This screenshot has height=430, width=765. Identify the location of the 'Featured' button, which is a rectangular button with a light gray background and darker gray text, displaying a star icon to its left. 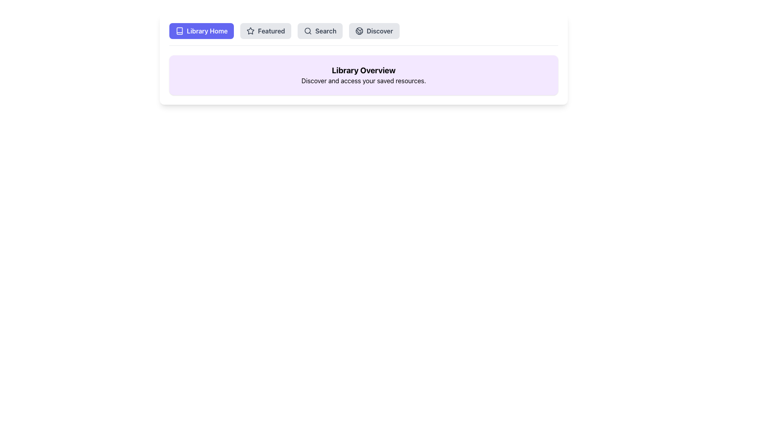
(266, 30).